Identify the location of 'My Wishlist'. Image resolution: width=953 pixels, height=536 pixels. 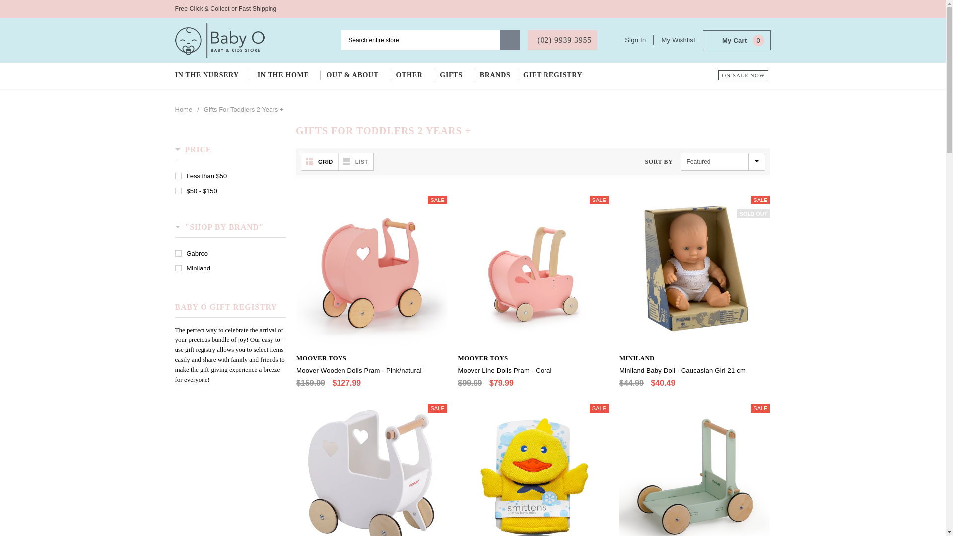
(678, 39).